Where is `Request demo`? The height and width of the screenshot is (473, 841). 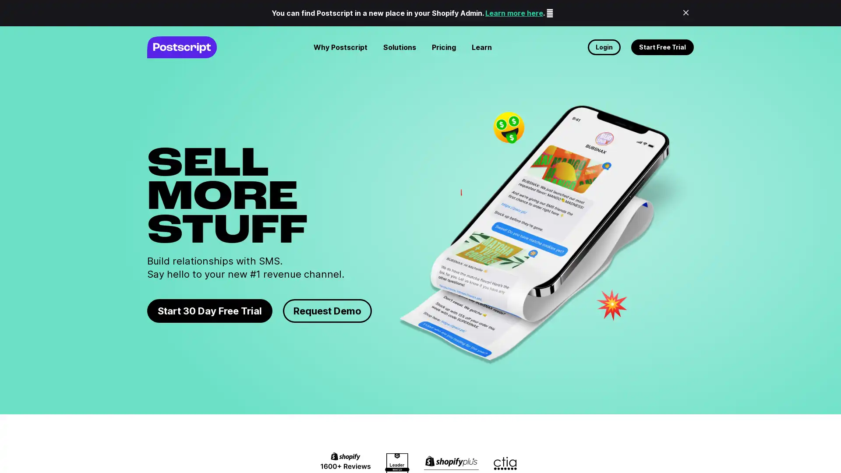 Request demo is located at coordinates (759, 432).